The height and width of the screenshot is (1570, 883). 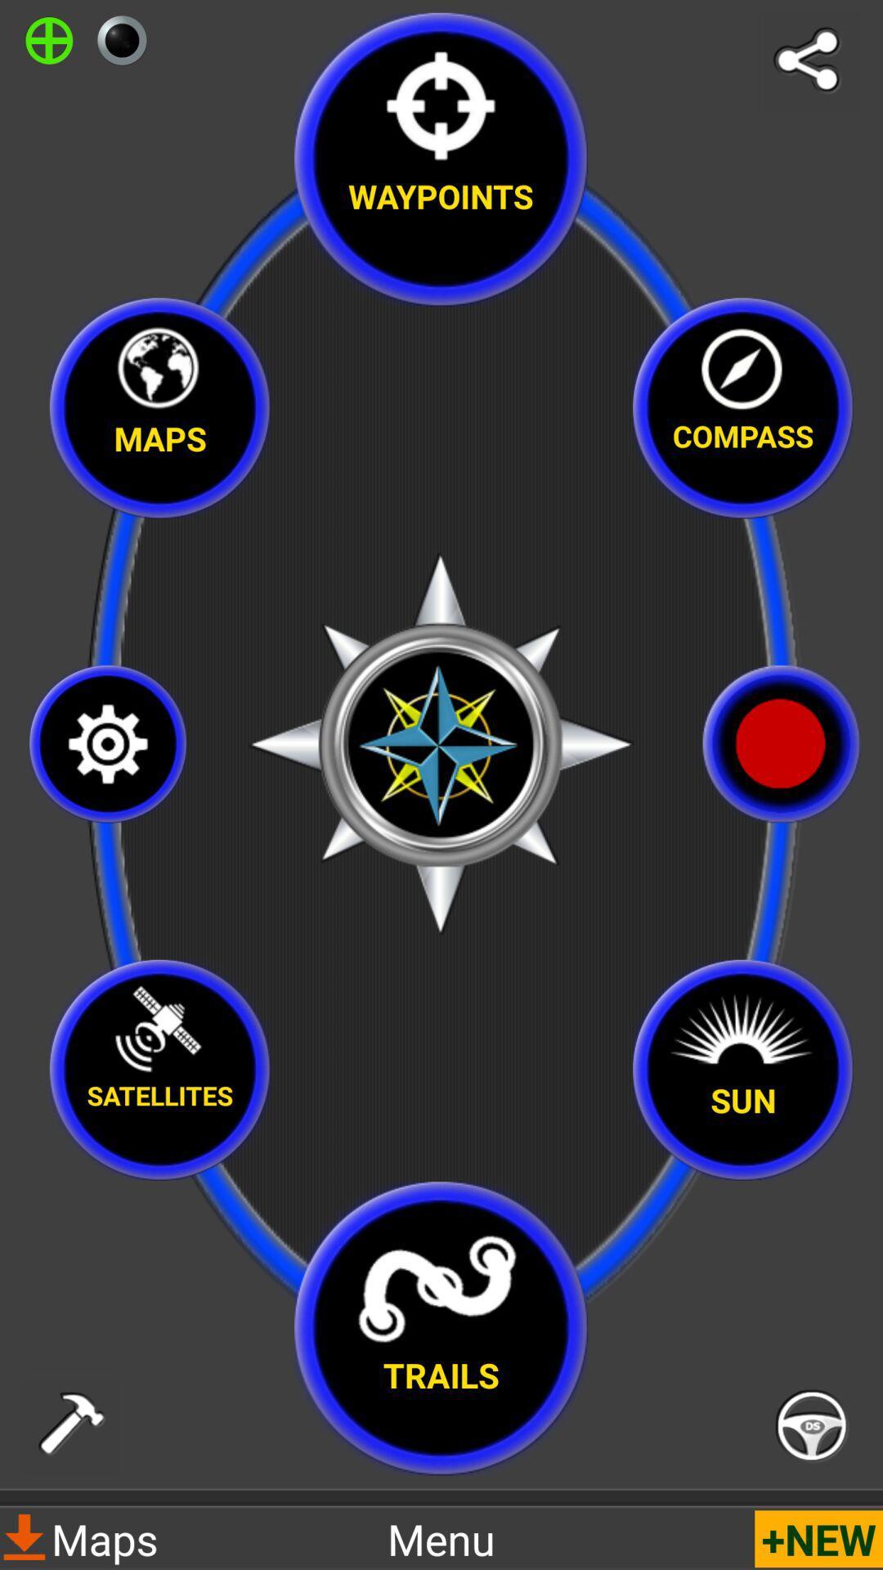 What do you see at coordinates (812, 61) in the screenshot?
I see `the share icon` at bounding box center [812, 61].